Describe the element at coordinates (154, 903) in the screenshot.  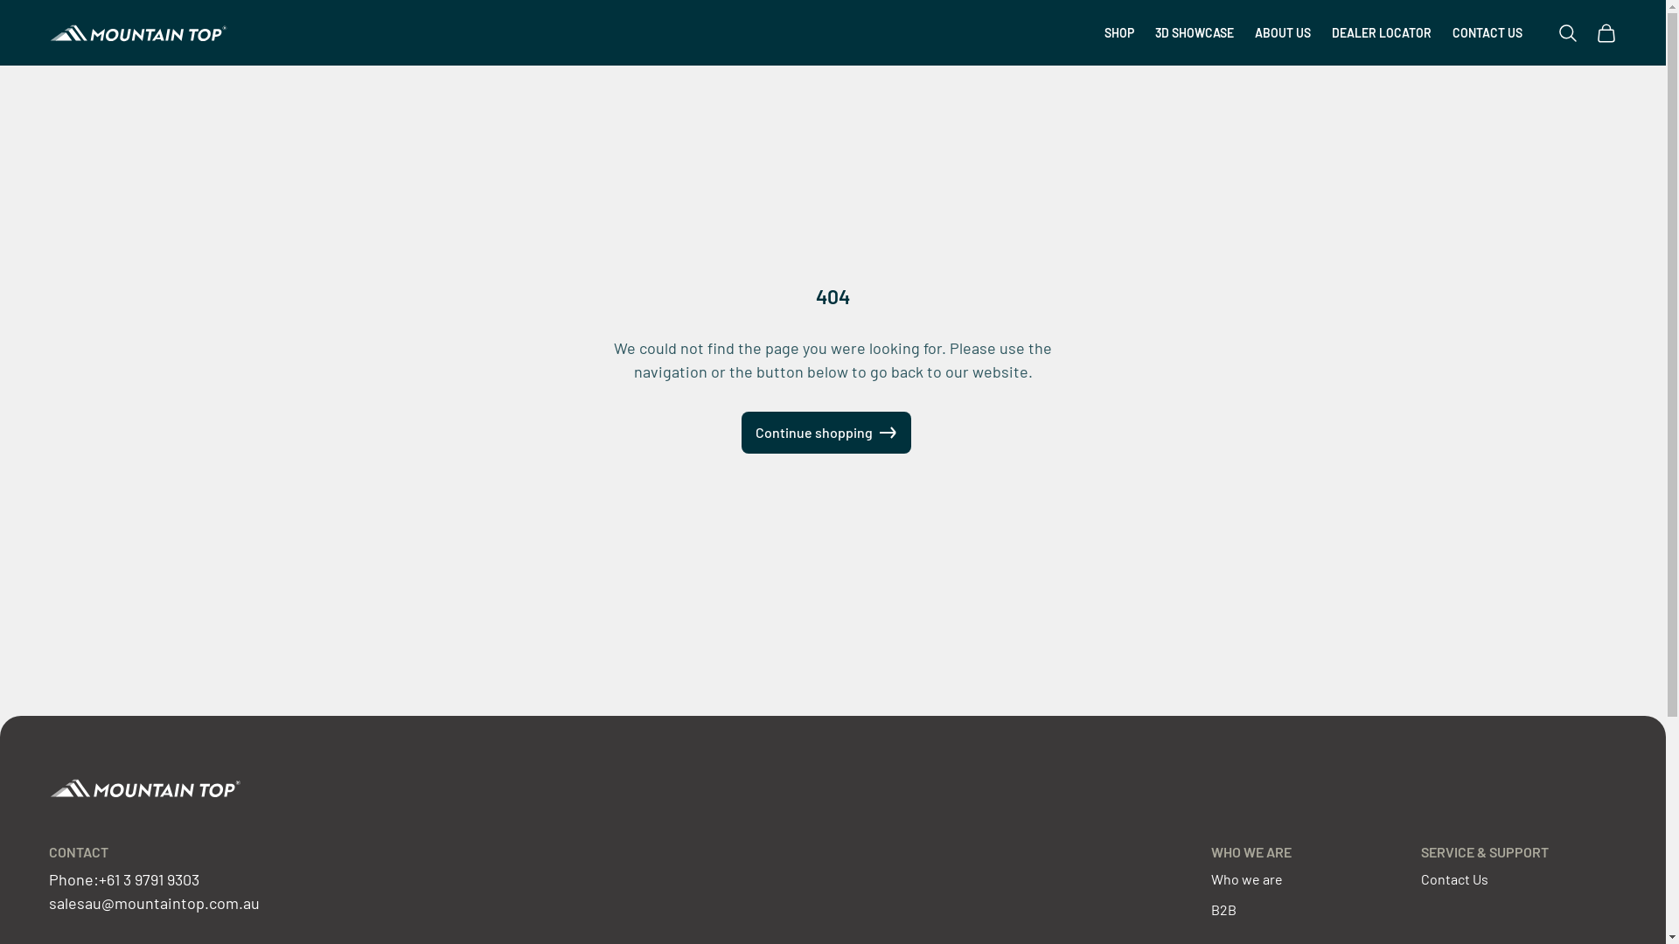
I see `'salesau@mountaintop.com.au'` at that location.